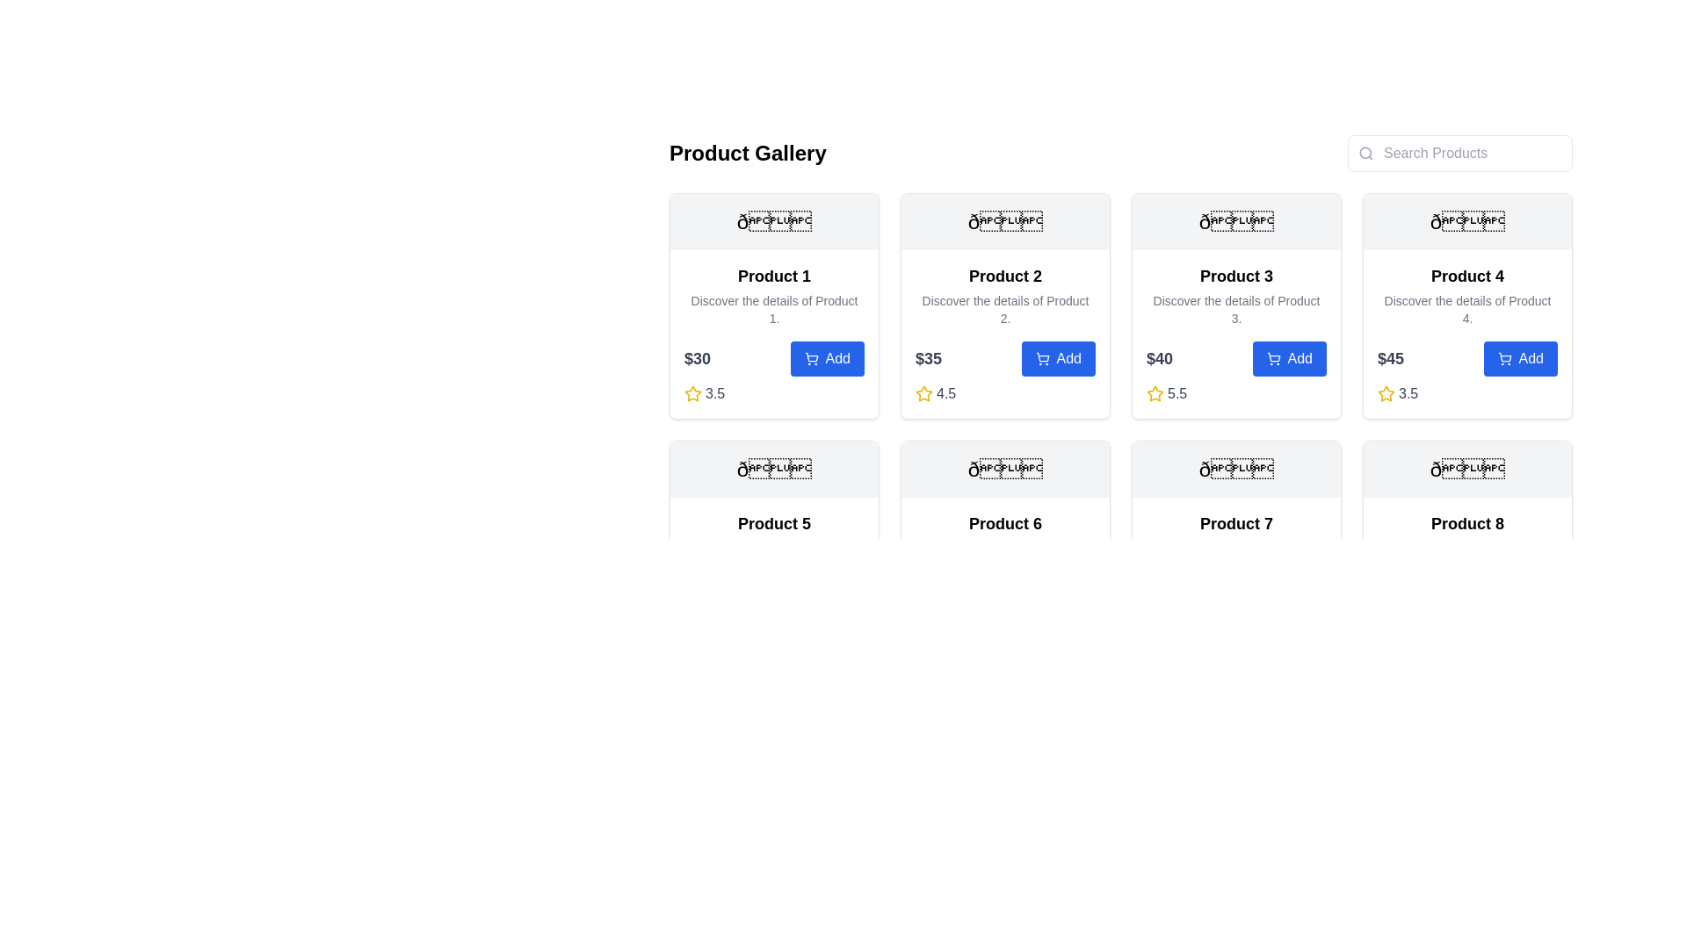 The height and width of the screenshot is (948, 1687). What do you see at coordinates (773, 469) in the screenshot?
I see `the star emoji icon located at the top of the card titled 'Product 5', which has a light gray background and is centered above the product name` at bounding box center [773, 469].